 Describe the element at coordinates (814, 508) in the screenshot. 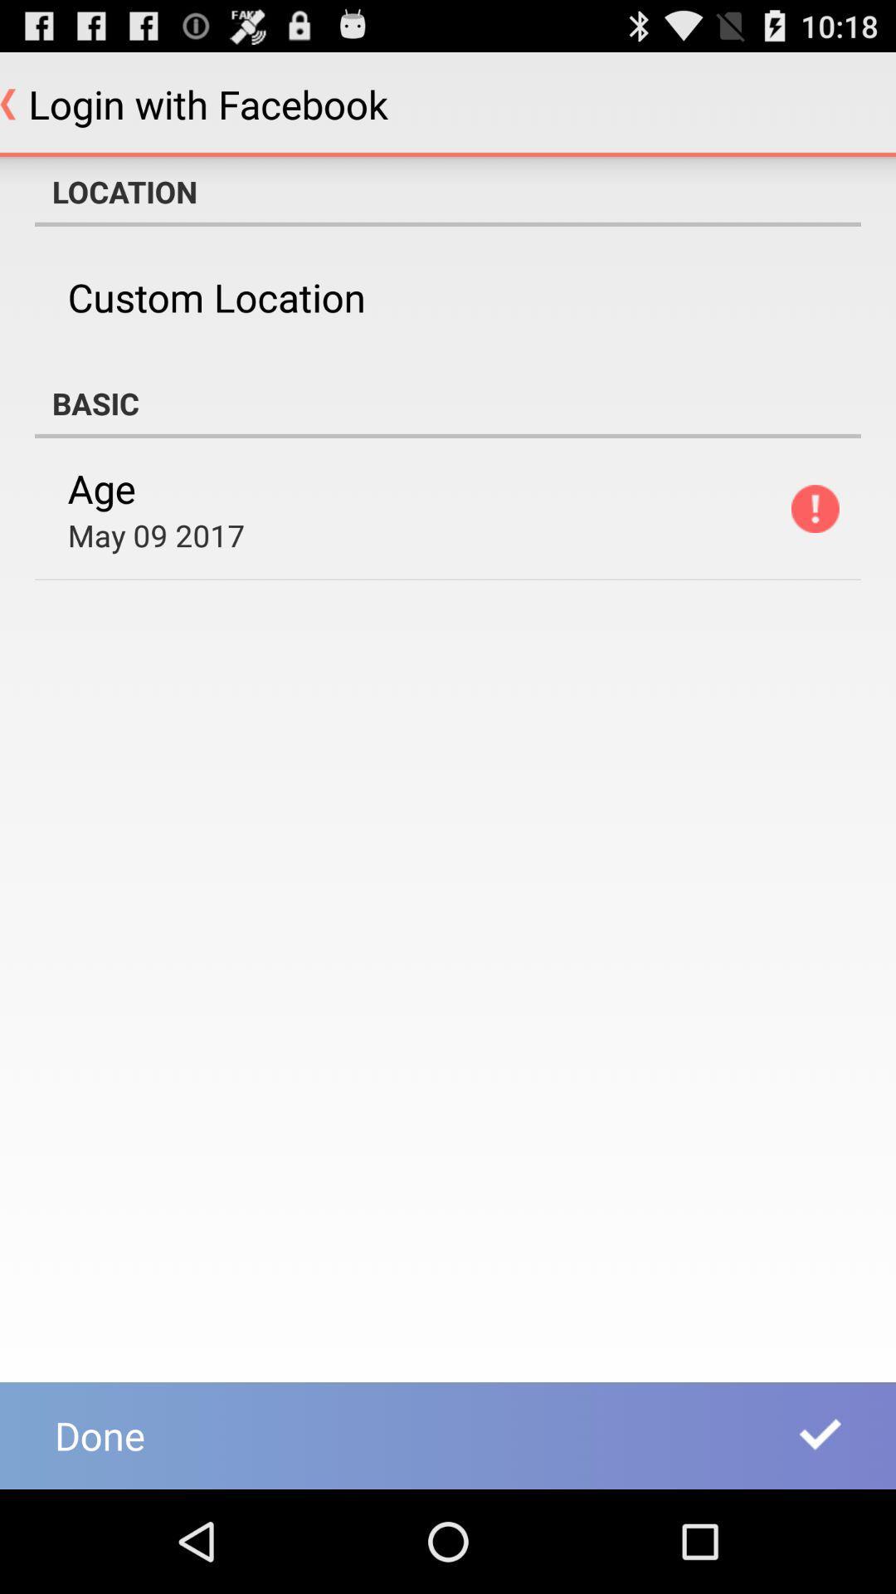

I see `the item to the right of the may 09 2017 app` at that location.